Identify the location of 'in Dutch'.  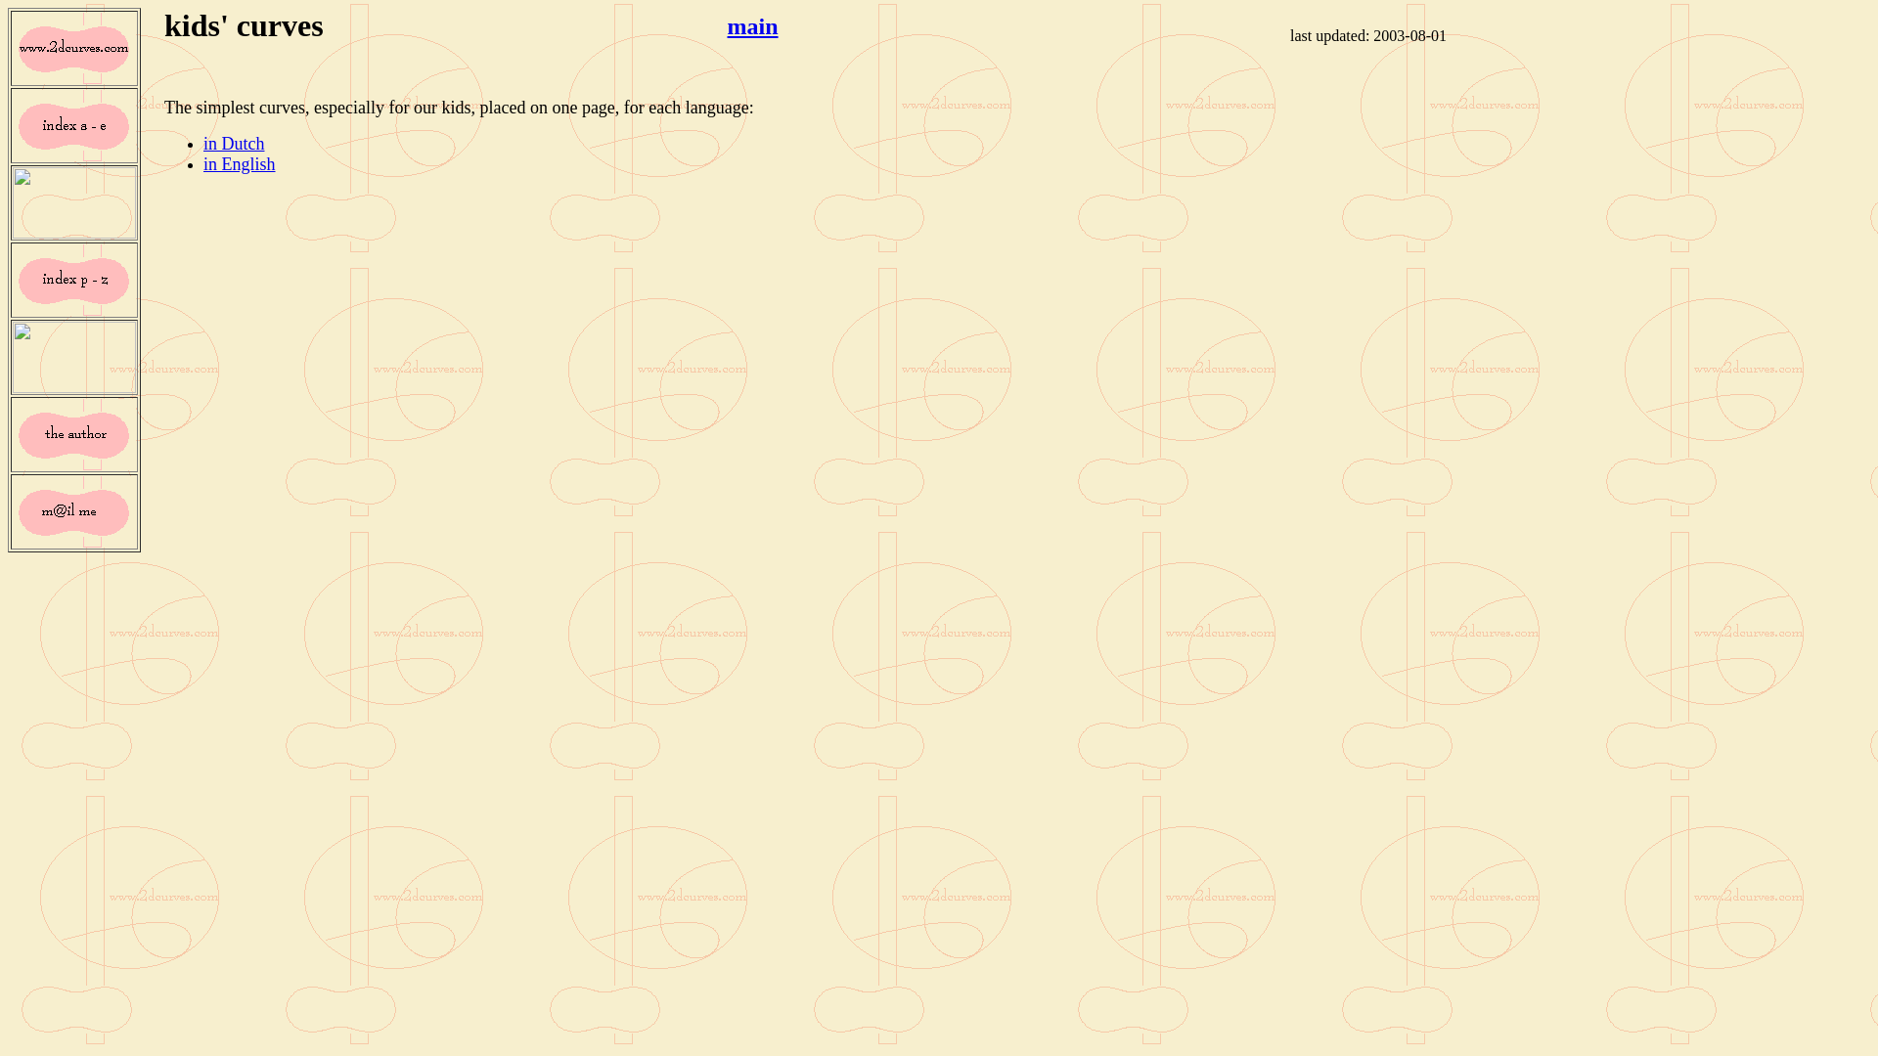
(202, 143).